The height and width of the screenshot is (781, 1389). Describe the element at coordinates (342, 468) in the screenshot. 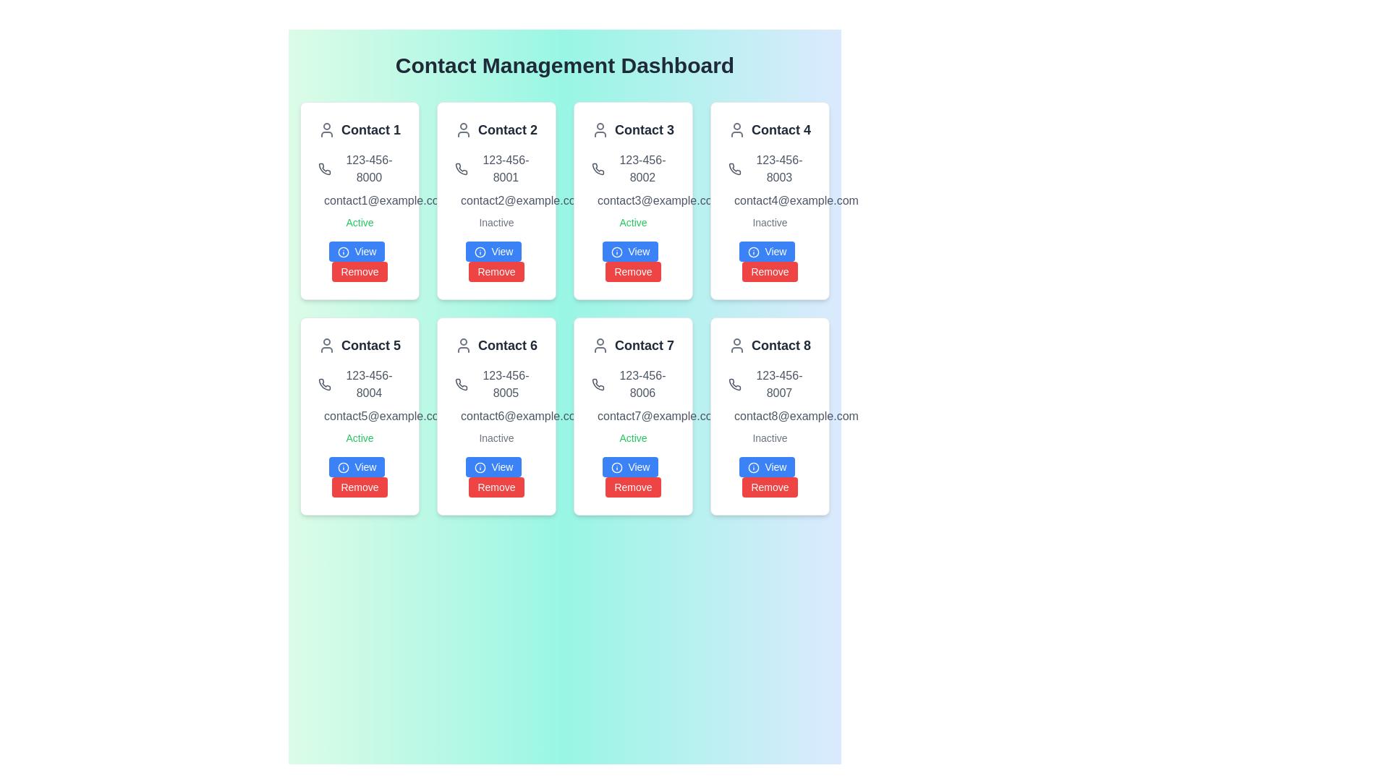

I see `the SVG Circle representing the status icon within the 'View' button for 'Contact 5', located in the bottom-left quadrant of the grid layout` at that location.